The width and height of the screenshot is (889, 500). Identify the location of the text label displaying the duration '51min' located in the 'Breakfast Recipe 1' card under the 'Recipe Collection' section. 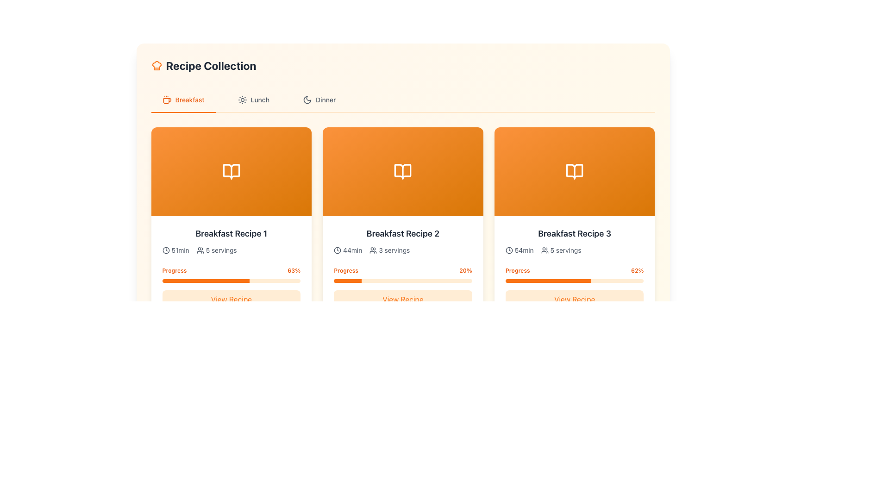
(180, 250).